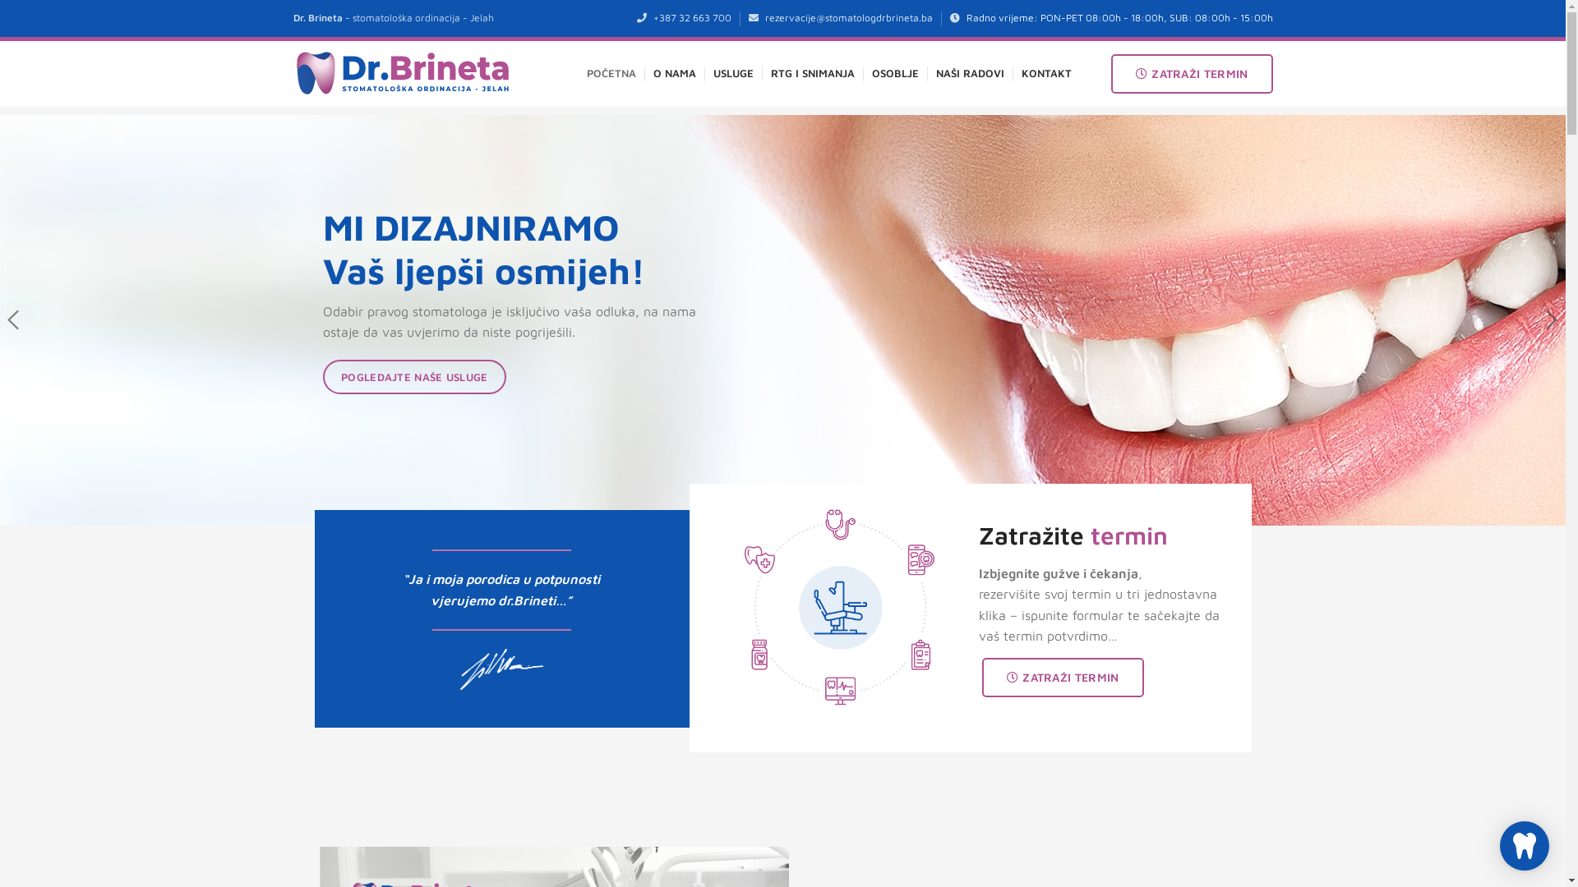  What do you see at coordinates (651, 17) in the screenshot?
I see `'+387 32 663 700'` at bounding box center [651, 17].